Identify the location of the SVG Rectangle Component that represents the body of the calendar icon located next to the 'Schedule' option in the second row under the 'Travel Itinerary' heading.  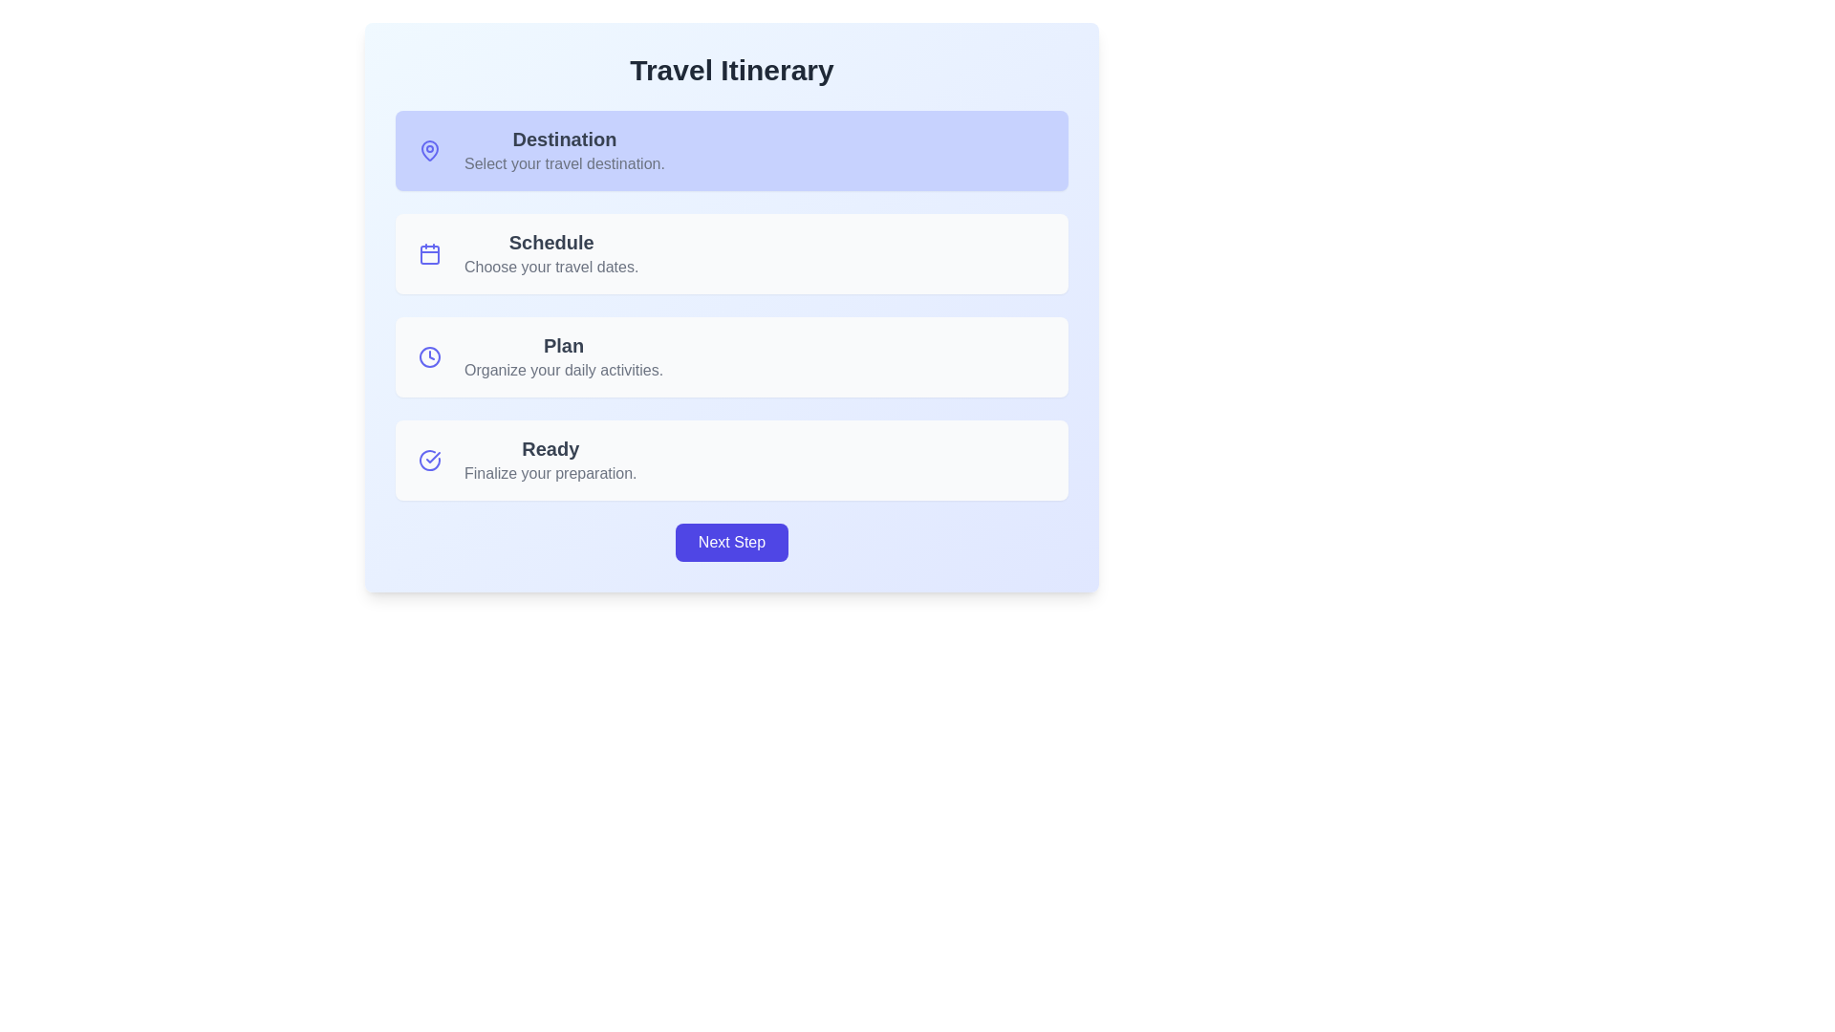
(429, 253).